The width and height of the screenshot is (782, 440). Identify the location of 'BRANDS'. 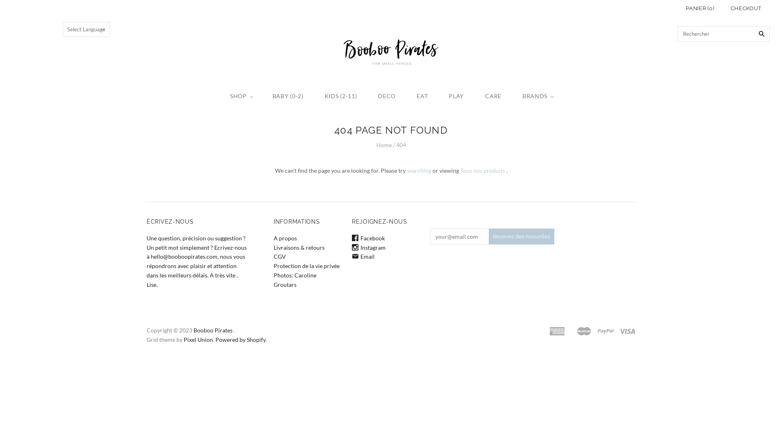
(512, 96).